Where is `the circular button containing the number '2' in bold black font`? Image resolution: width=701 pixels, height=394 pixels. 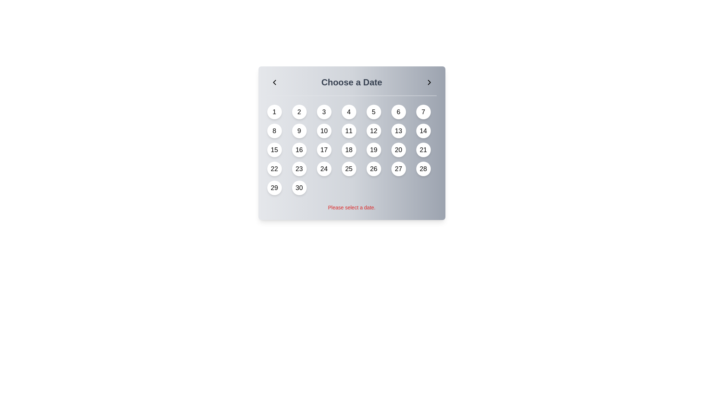 the circular button containing the number '2' in bold black font is located at coordinates (299, 112).